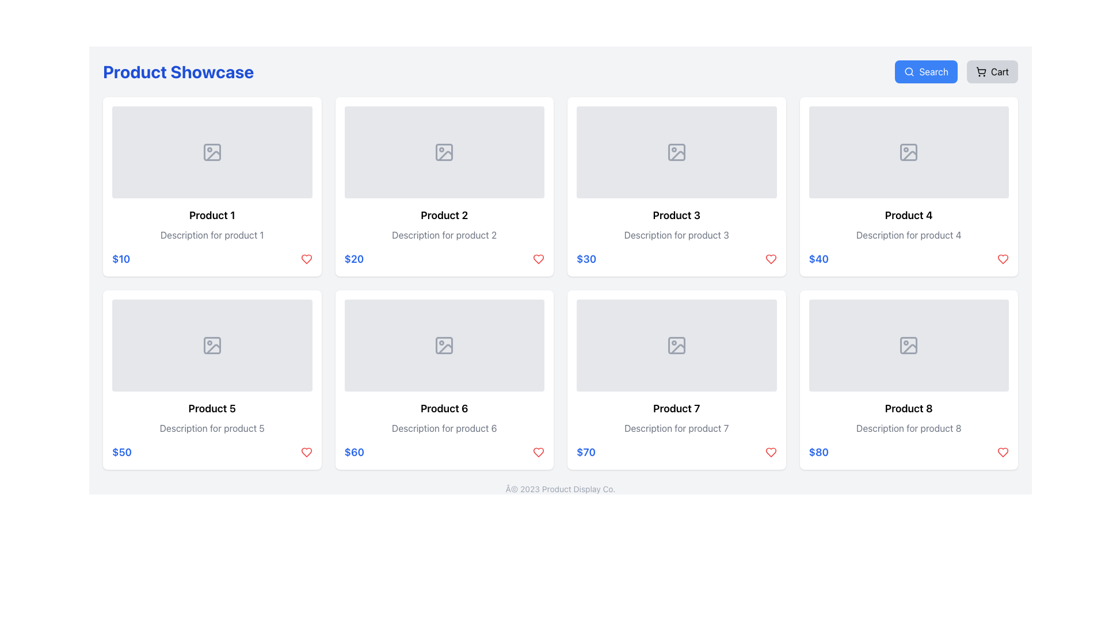 The image size is (1105, 621). I want to click on the static text element that serves as a title or heading, indicating the purpose of the page, so click(178, 71).